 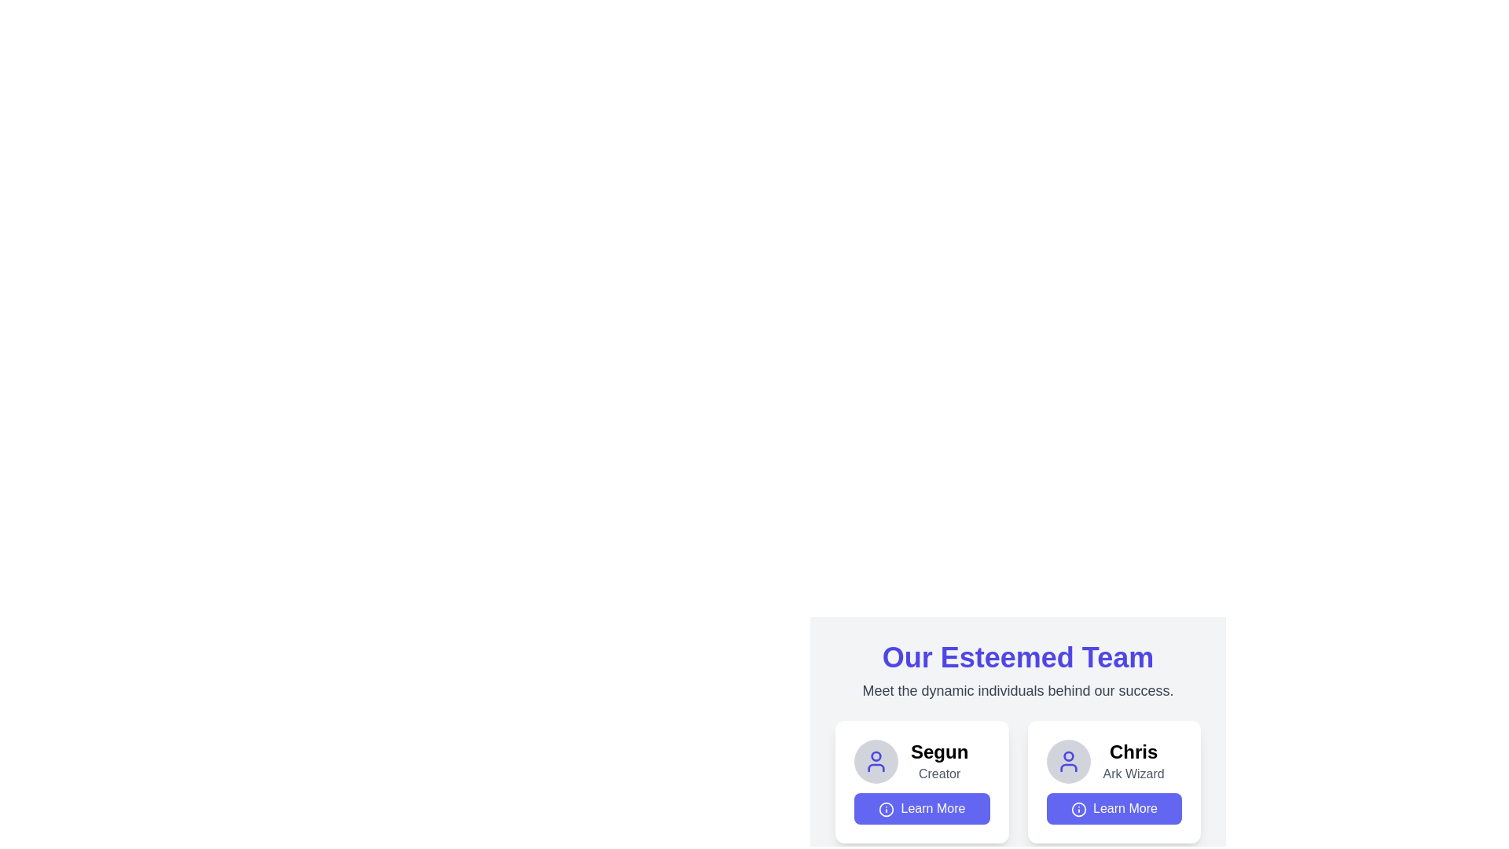 What do you see at coordinates (1018, 658) in the screenshot?
I see `the header text element introducing the team members section, which is positioned above the subtitle 'Meet the dynamic individuals behind our success.'` at bounding box center [1018, 658].